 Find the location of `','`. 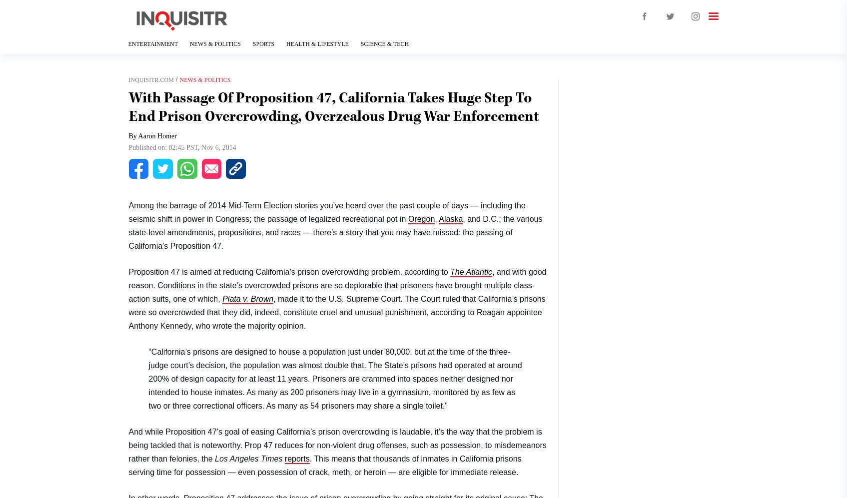

',' is located at coordinates (436, 218).